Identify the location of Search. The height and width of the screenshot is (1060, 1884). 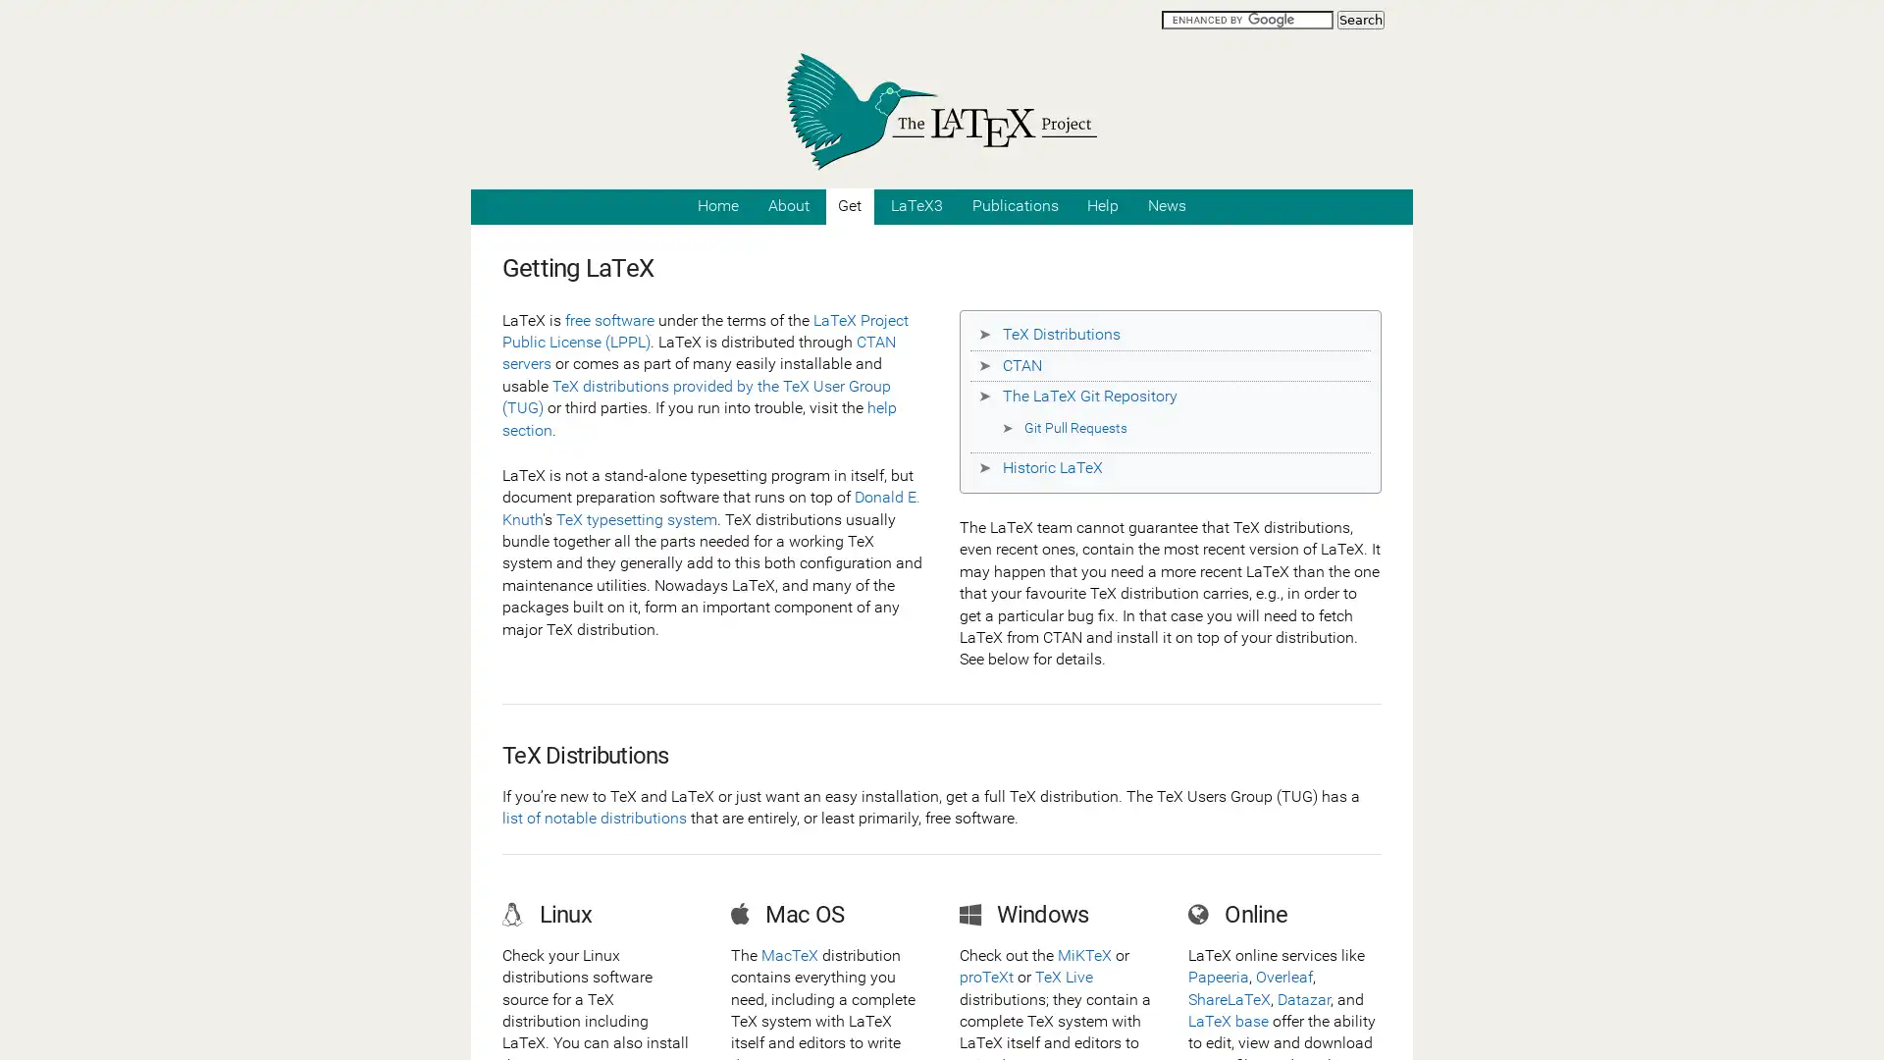
(1360, 20).